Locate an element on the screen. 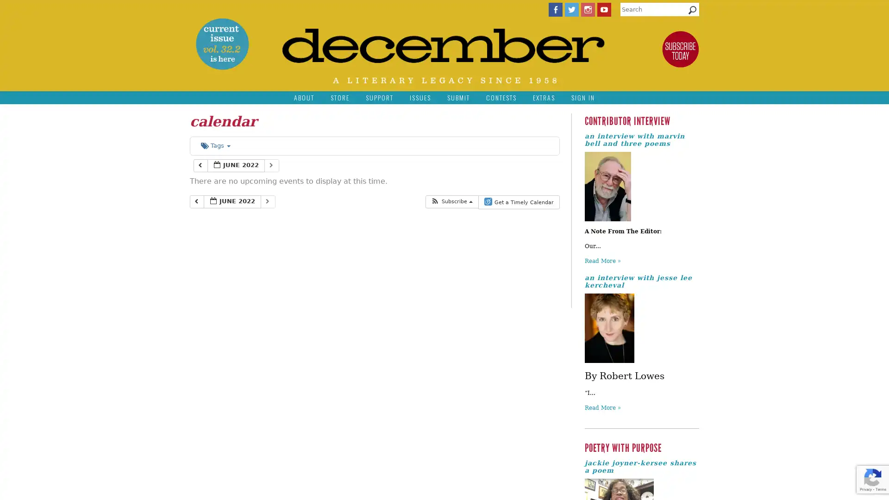 Image resolution: width=889 pixels, height=500 pixels. Subscribe is located at coordinates (451, 201).